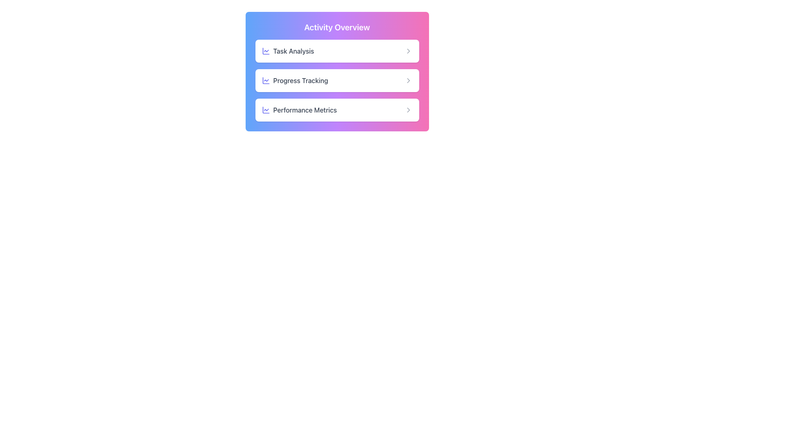  What do you see at coordinates (408, 110) in the screenshot?
I see `the rightward-pointing chevron icon located at the right side of the 'Performance Metrics' button within the 'Activity Overview' section` at bounding box center [408, 110].